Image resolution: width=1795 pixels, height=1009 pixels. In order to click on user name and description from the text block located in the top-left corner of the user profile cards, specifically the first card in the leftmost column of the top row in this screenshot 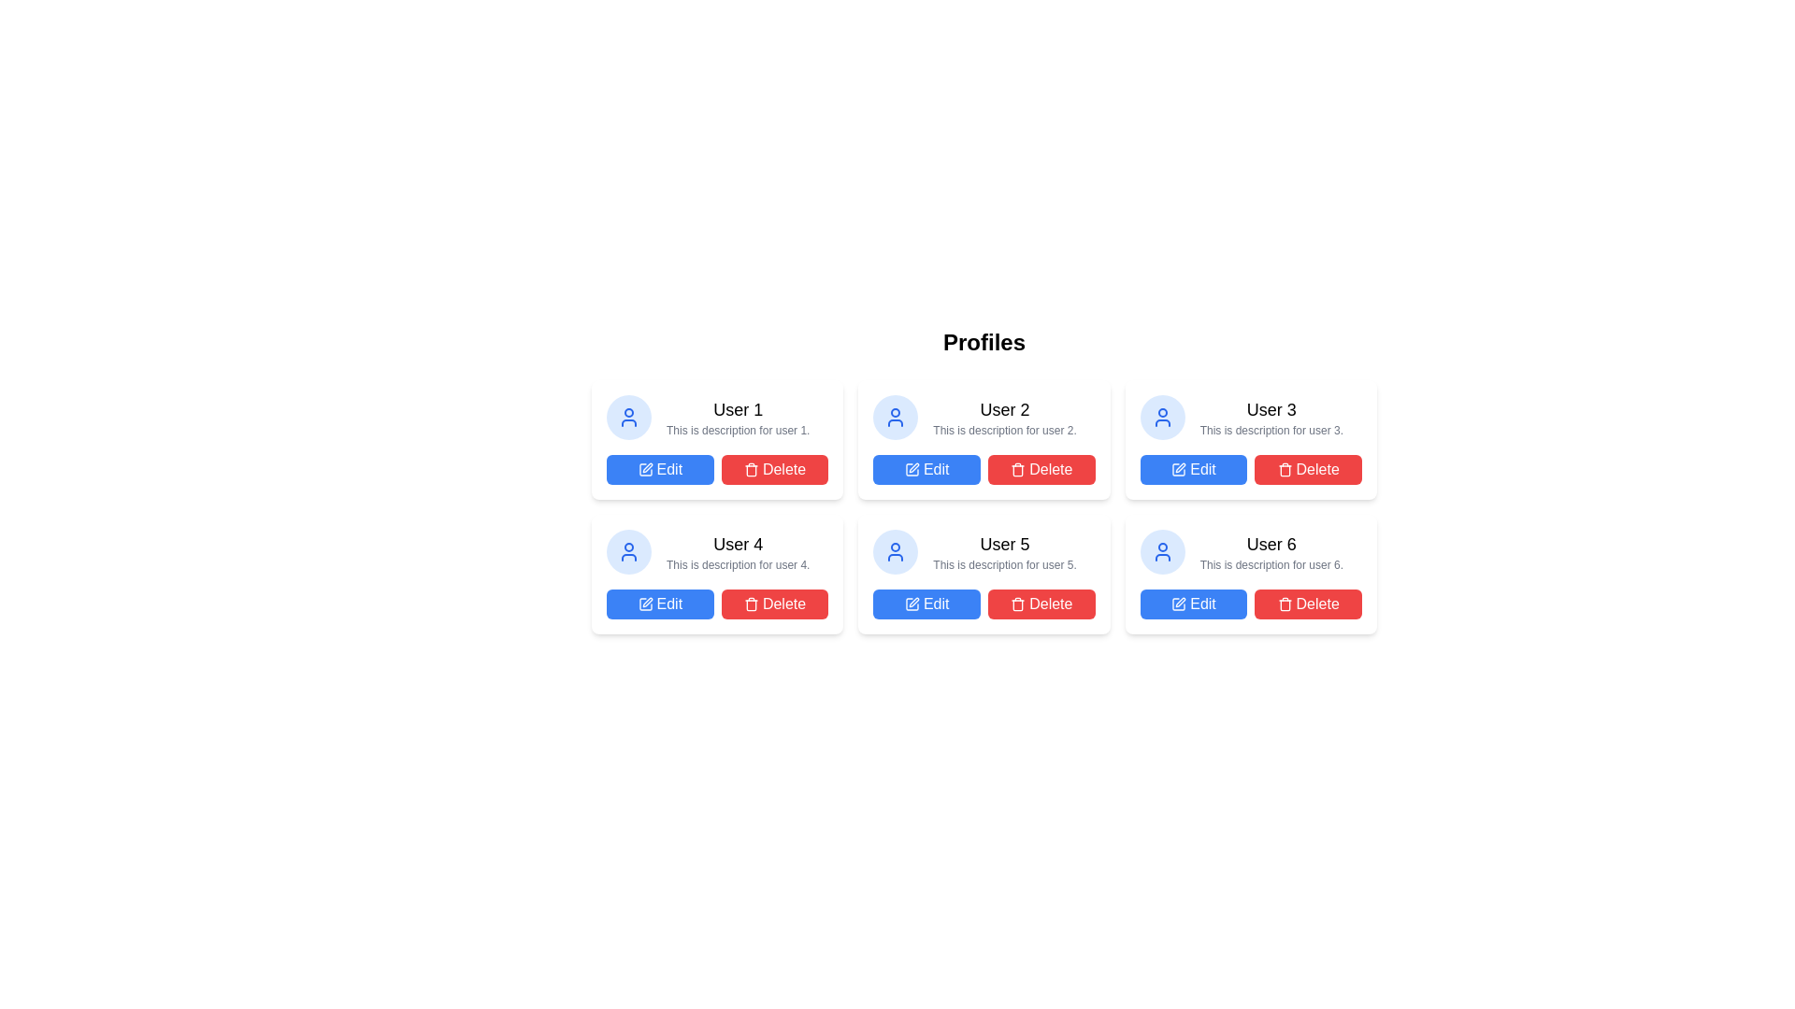, I will do `click(737, 417)`.